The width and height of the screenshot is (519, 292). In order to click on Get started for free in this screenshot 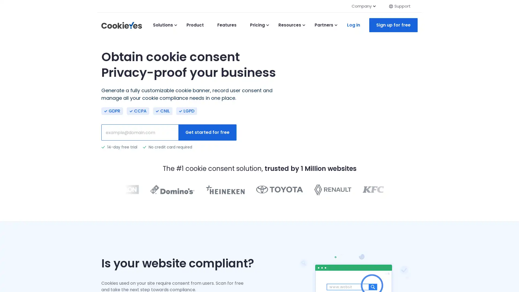, I will do `click(207, 132)`.